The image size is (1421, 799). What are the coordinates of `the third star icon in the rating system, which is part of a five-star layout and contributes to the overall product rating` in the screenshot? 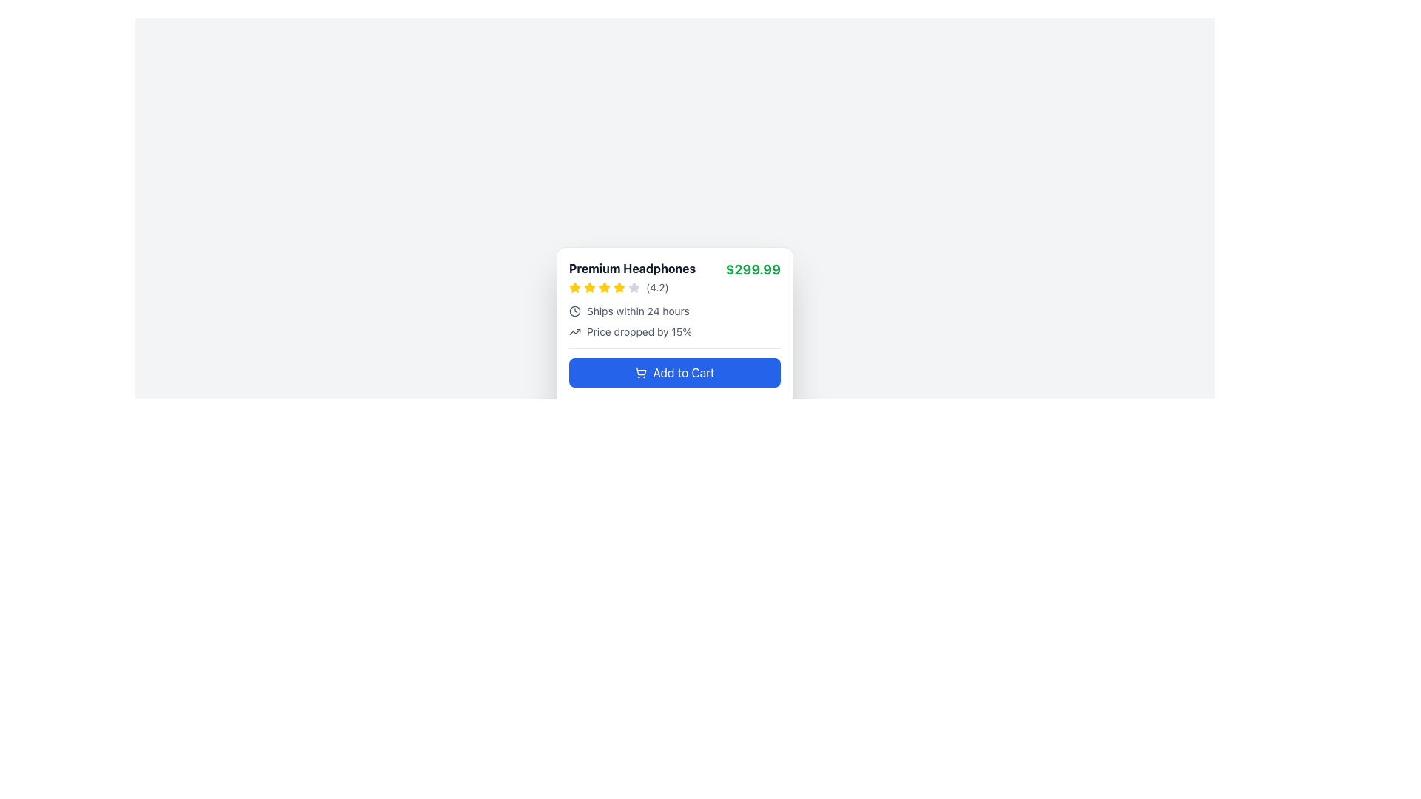 It's located at (588, 288).